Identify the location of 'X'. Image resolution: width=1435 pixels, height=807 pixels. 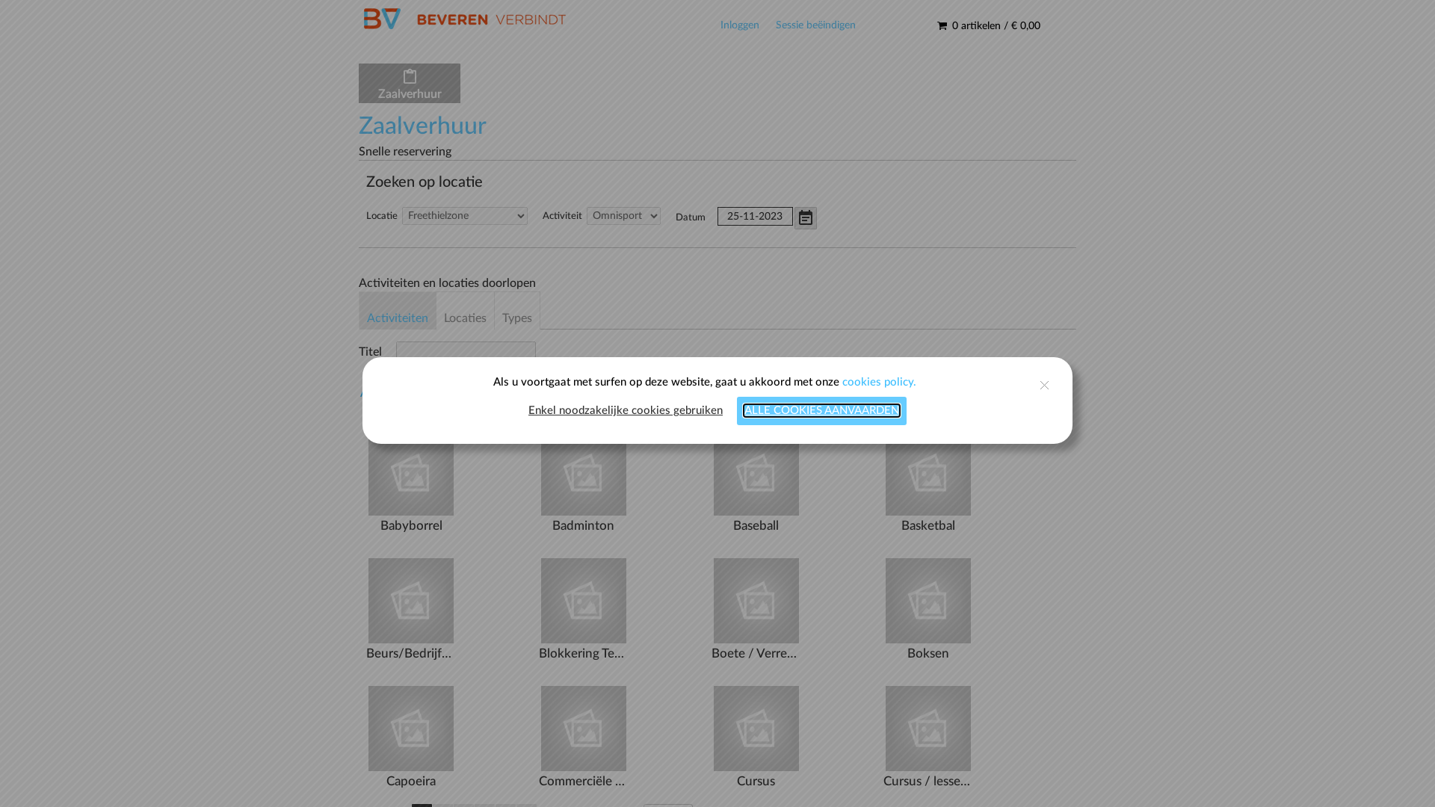
(979, 392).